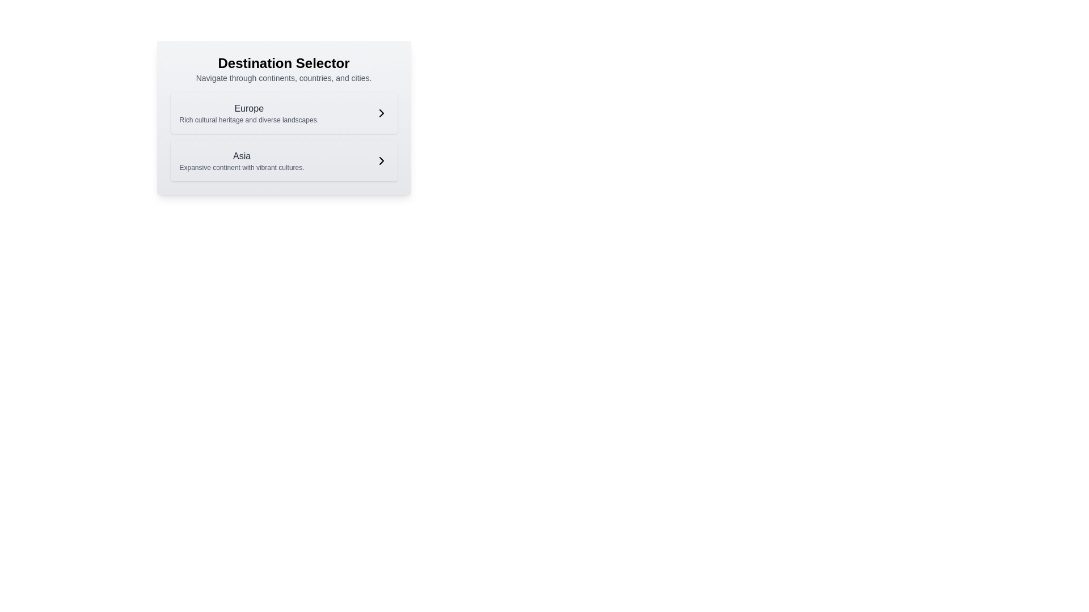  I want to click on the interactive list item titled 'Europe' for keyboard navigation, so click(284, 113).